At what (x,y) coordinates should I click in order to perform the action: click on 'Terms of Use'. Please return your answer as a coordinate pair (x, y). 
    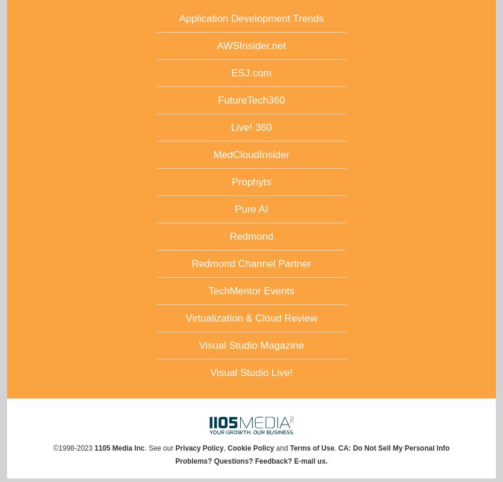
    Looking at the image, I should click on (311, 447).